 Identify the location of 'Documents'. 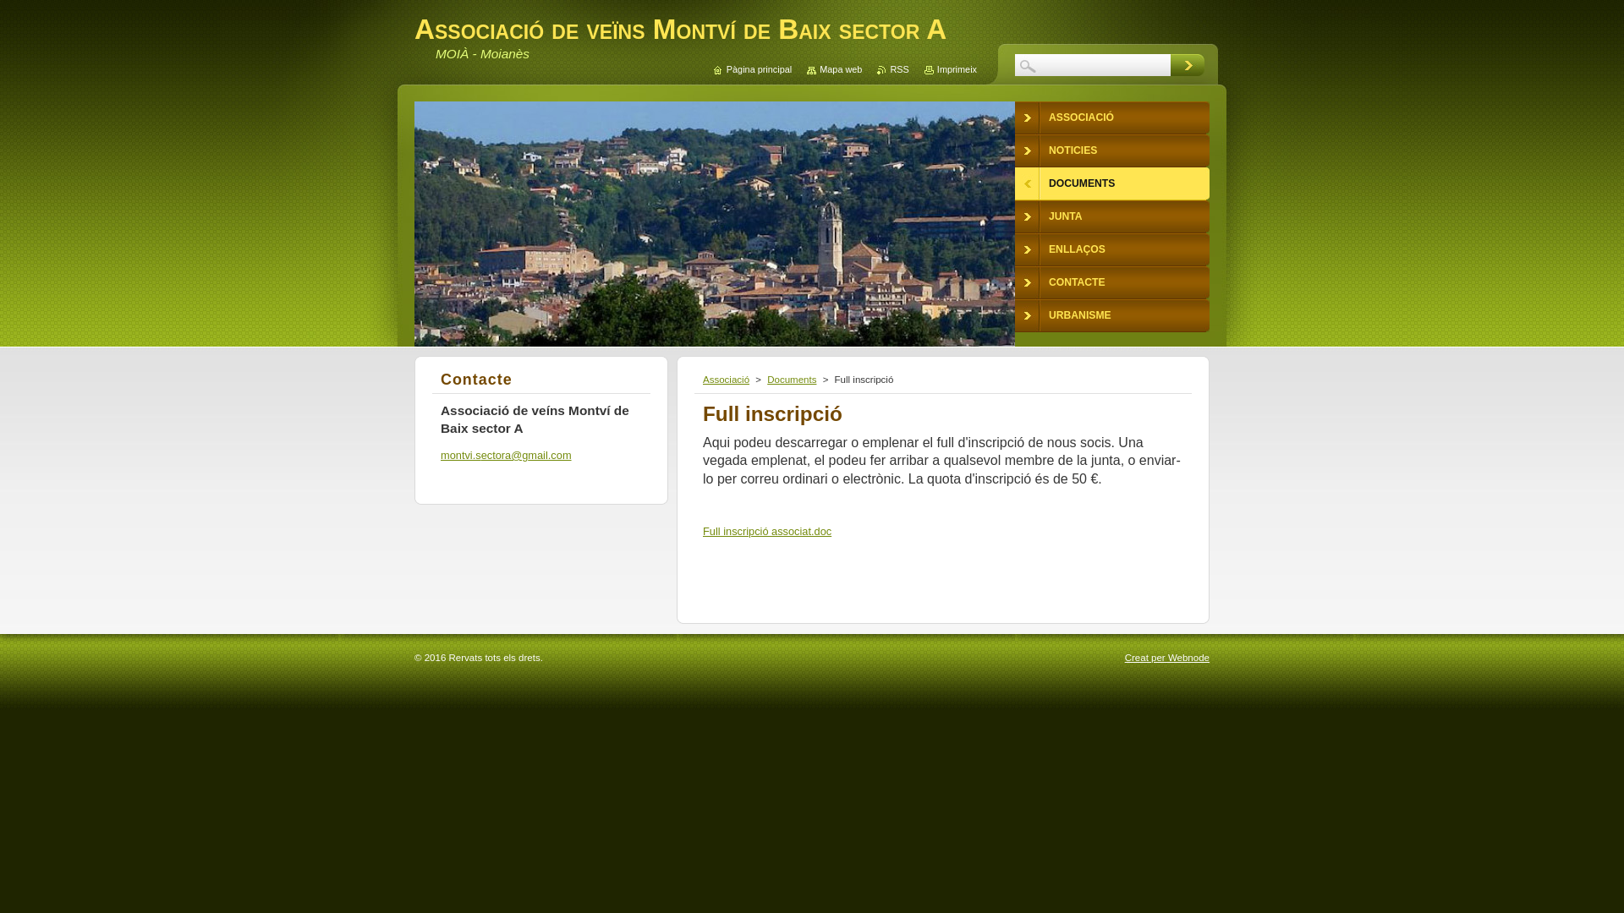
(791, 378).